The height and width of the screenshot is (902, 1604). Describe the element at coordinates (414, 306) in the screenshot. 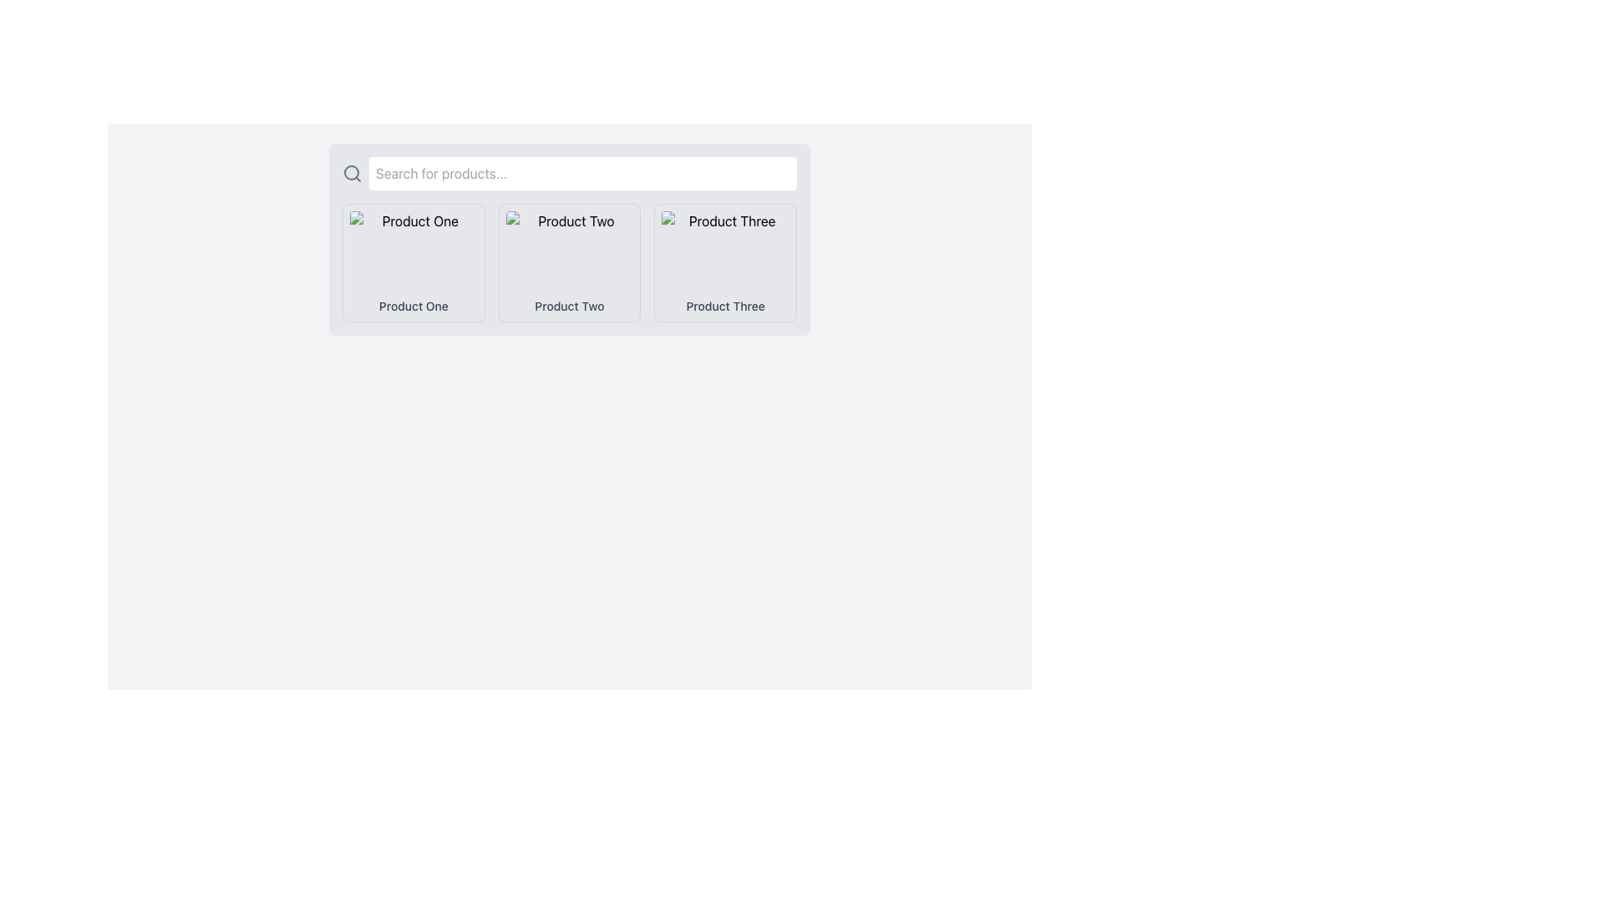

I see `text label at the bottom of the first product card on the left, which provides the name or title for the product` at that location.